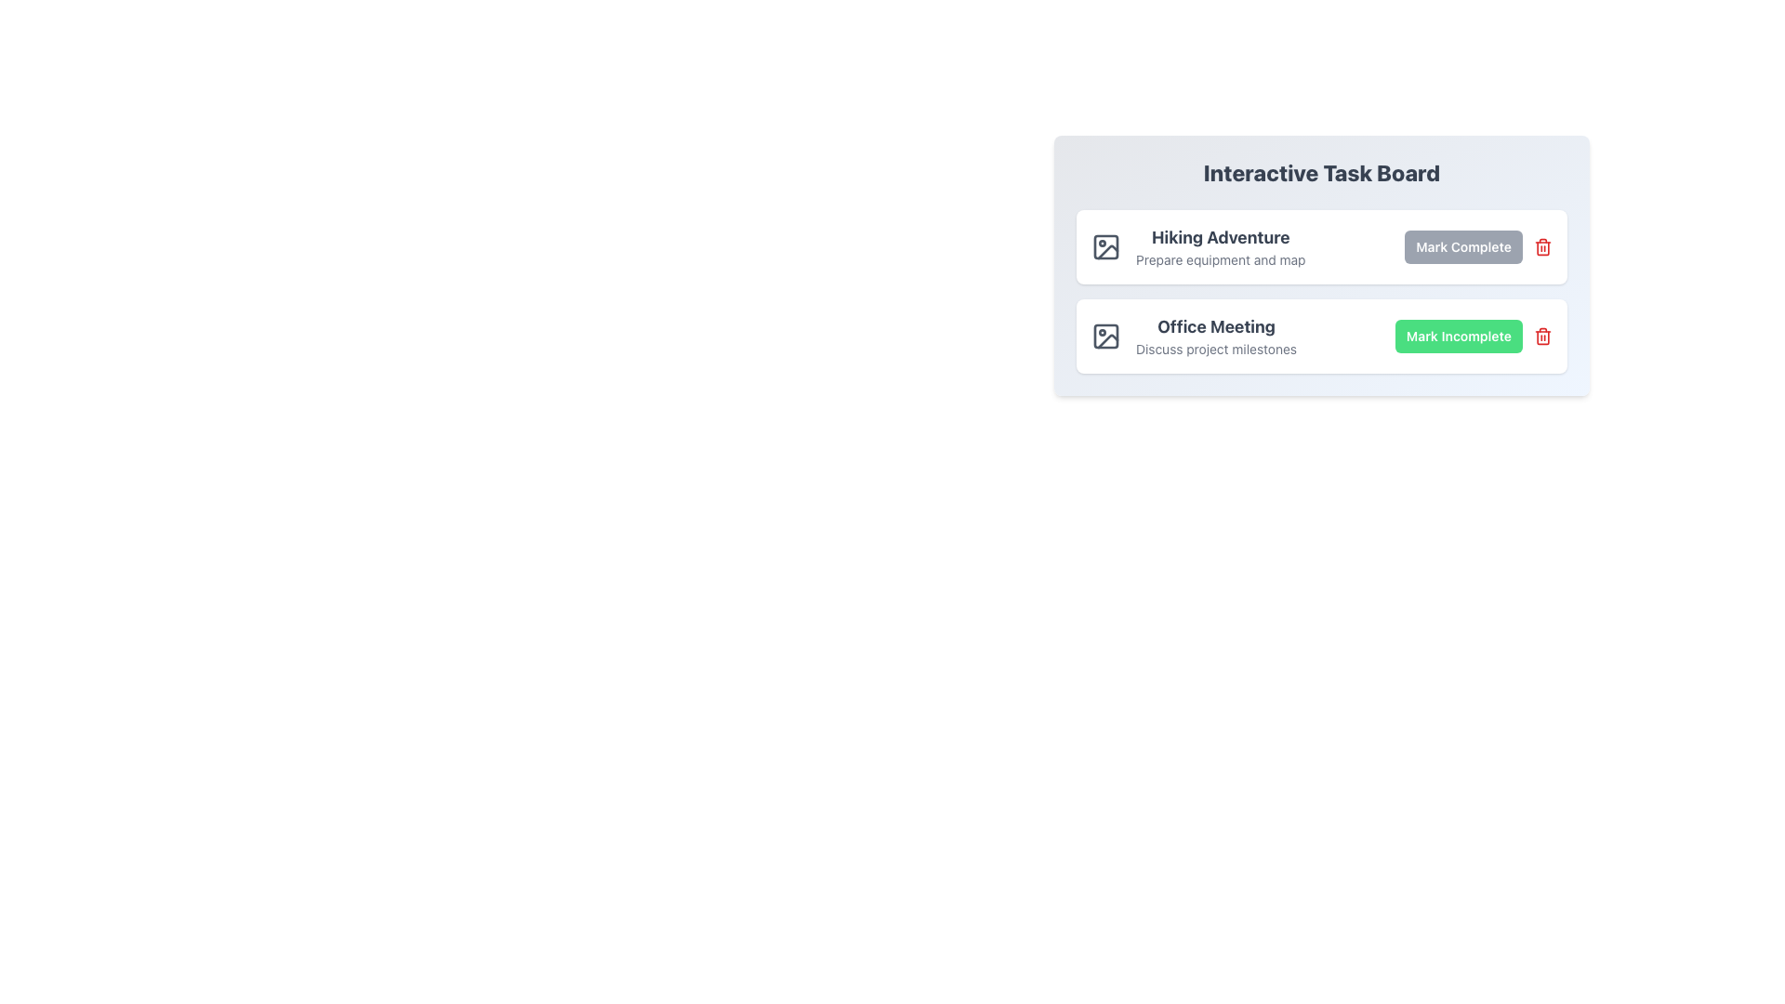  What do you see at coordinates (1106, 337) in the screenshot?
I see `the graphical part of the SVG image icon associated with the 'Office Meeting' task in the task list, located to the left of its main text description` at bounding box center [1106, 337].